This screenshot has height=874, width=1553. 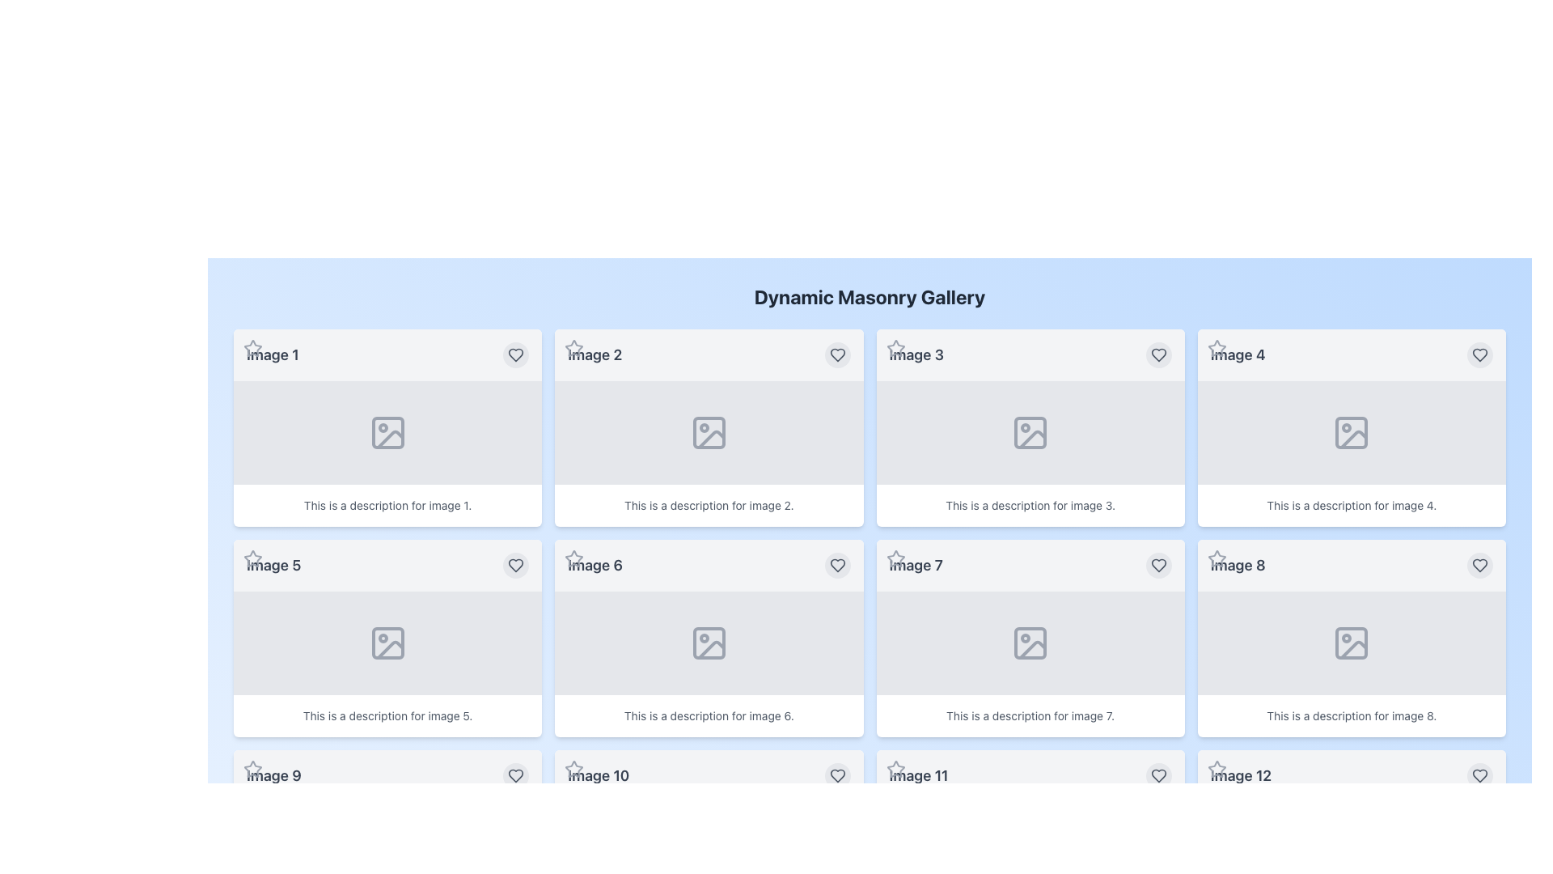 What do you see at coordinates (252, 558) in the screenshot?
I see `the star icon in the top-left corner of the card for 'Image 5' to interact with it` at bounding box center [252, 558].